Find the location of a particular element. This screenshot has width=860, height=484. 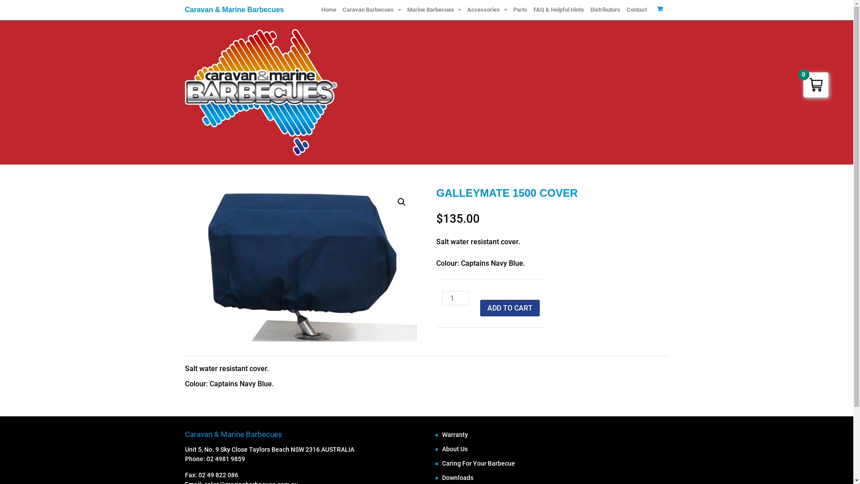

'Unit 5, No. 9 Sky Close Taylors Beach NSW 2316 AUSTRALIA' is located at coordinates (268, 449).